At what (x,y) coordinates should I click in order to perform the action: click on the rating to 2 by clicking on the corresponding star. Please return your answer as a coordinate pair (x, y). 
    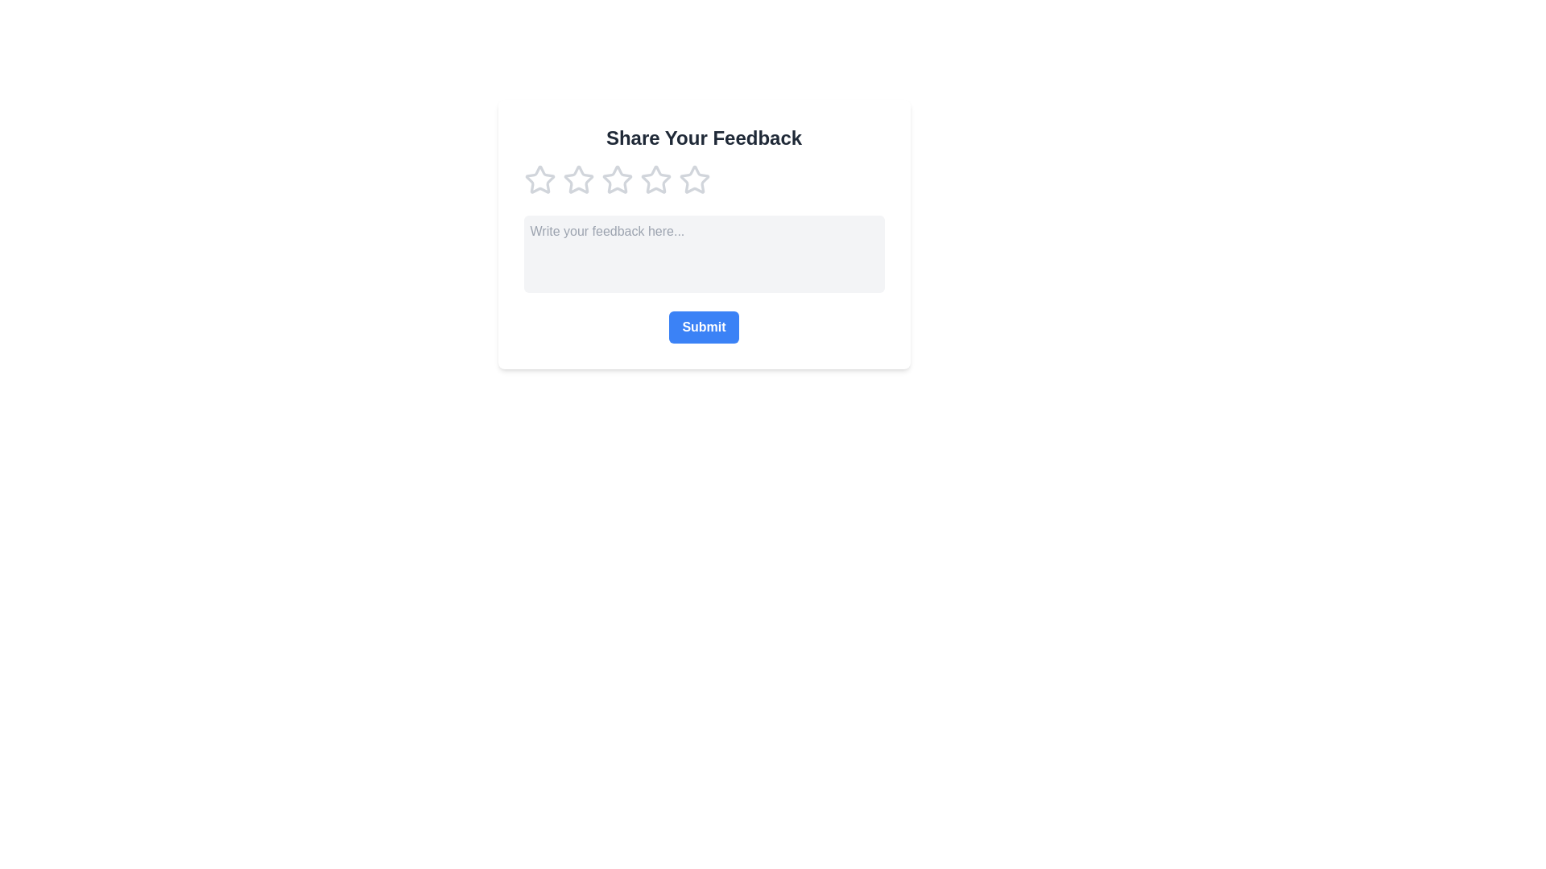
    Looking at the image, I should click on (578, 179).